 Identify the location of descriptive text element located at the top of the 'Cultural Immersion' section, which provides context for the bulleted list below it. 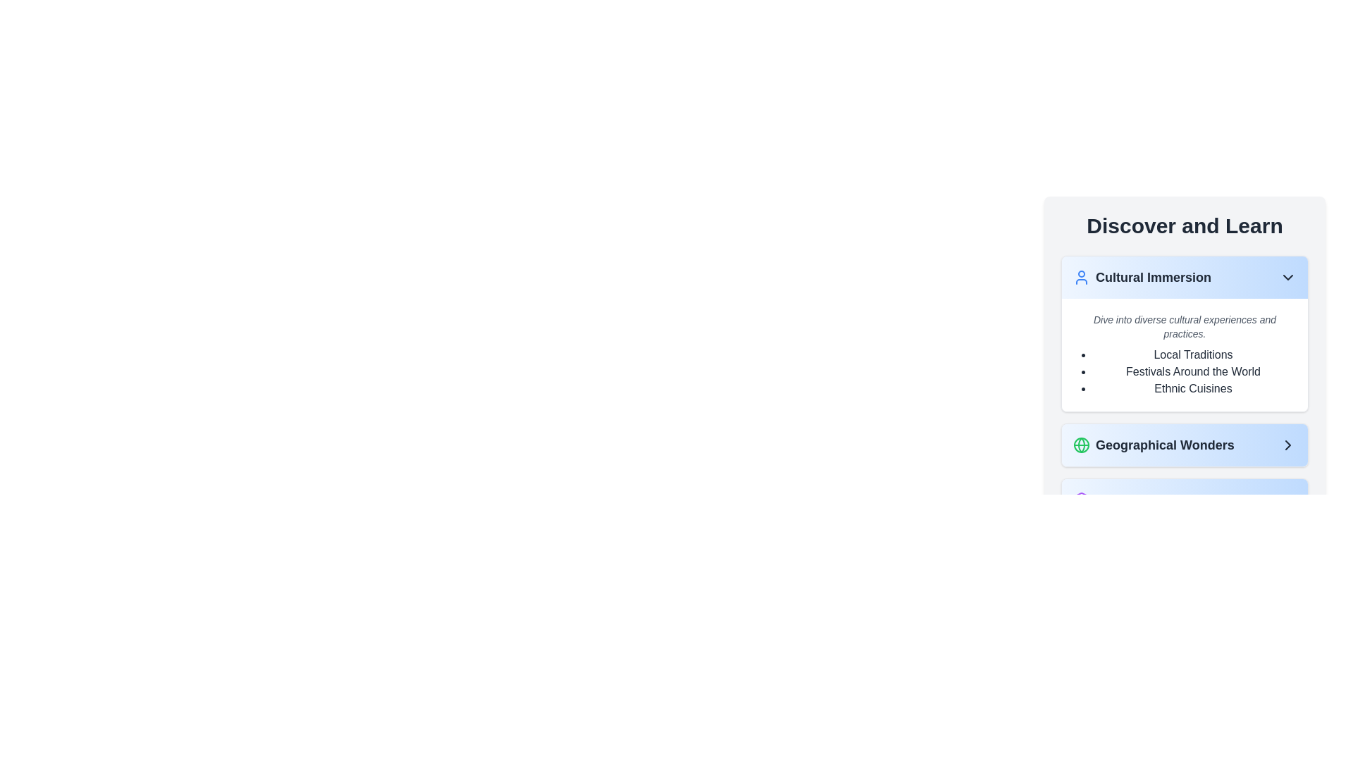
(1184, 326).